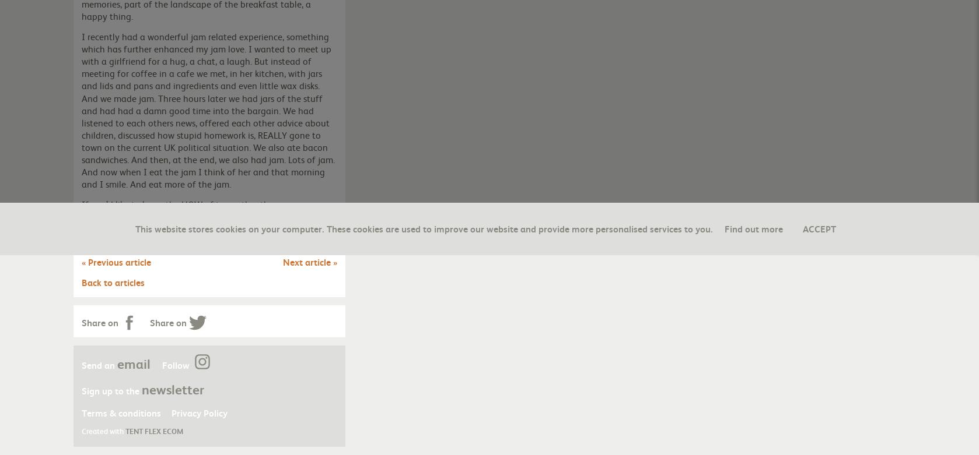 The width and height of the screenshot is (979, 455). Describe the element at coordinates (134, 363) in the screenshot. I see `'email'` at that location.